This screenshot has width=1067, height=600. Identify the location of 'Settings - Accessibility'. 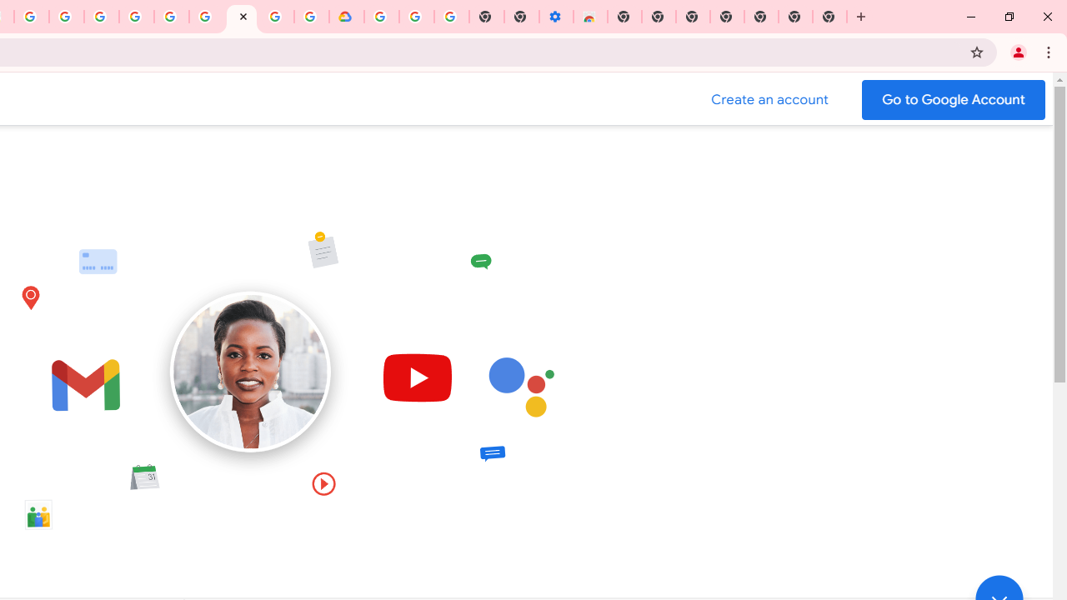
(556, 17).